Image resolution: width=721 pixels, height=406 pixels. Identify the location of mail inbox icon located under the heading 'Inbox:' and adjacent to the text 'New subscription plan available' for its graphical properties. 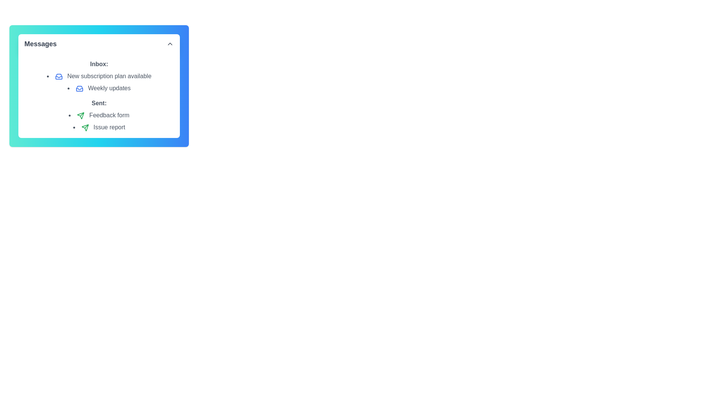
(79, 88).